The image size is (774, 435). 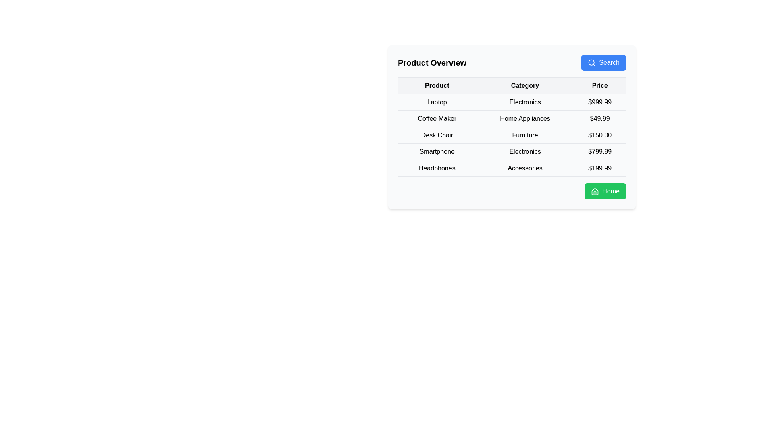 What do you see at coordinates (437, 152) in the screenshot?
I see `the 'Smartphone' text element within the first cell of the table under the 'Product Overview' header` at bounding box center [437, 152].